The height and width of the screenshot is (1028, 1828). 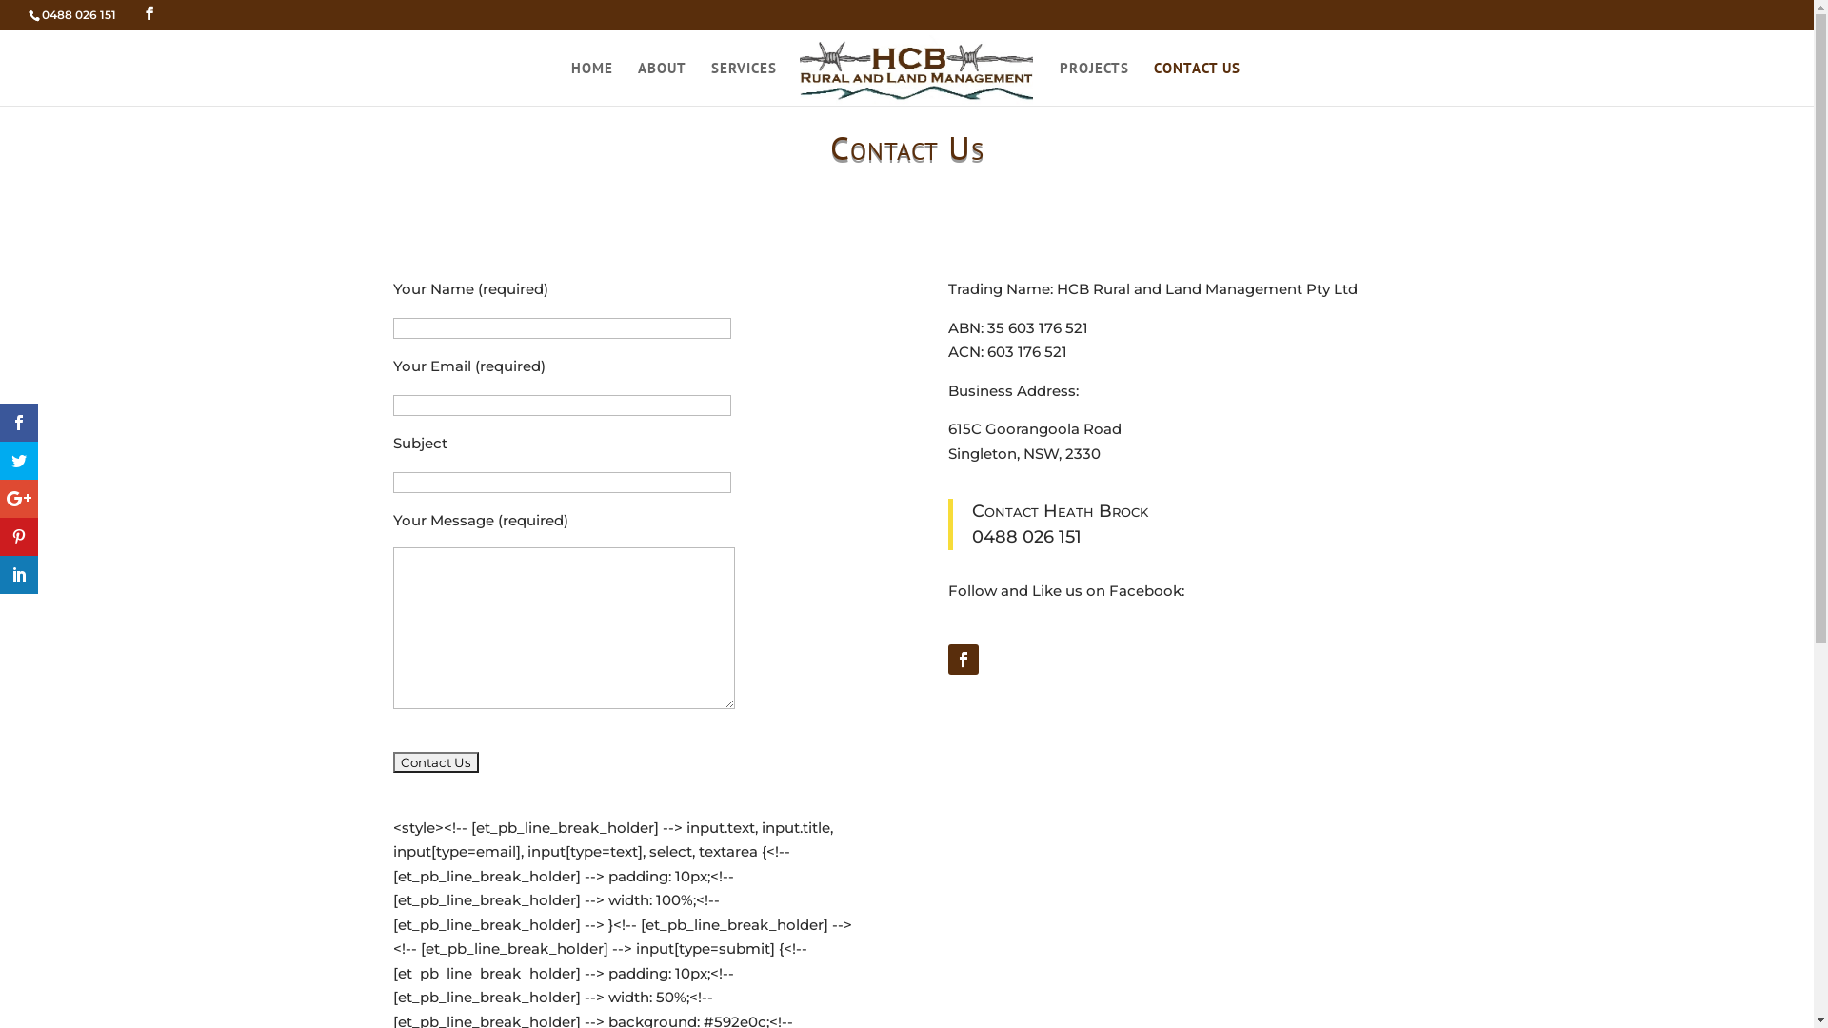 What do you see at coordinates (662, 72) in the screenshot?
I see `'ABOUT'` at bounding box center [662, 72].